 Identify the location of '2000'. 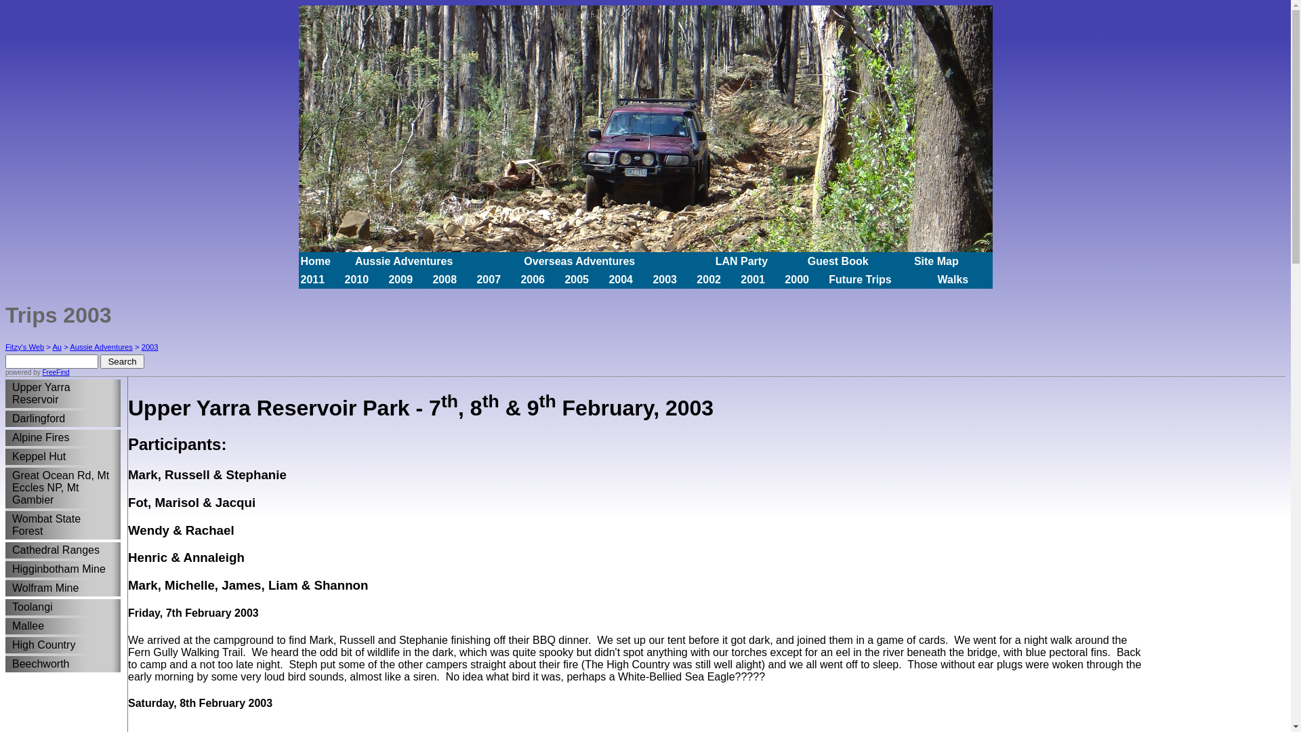
(784, 279).